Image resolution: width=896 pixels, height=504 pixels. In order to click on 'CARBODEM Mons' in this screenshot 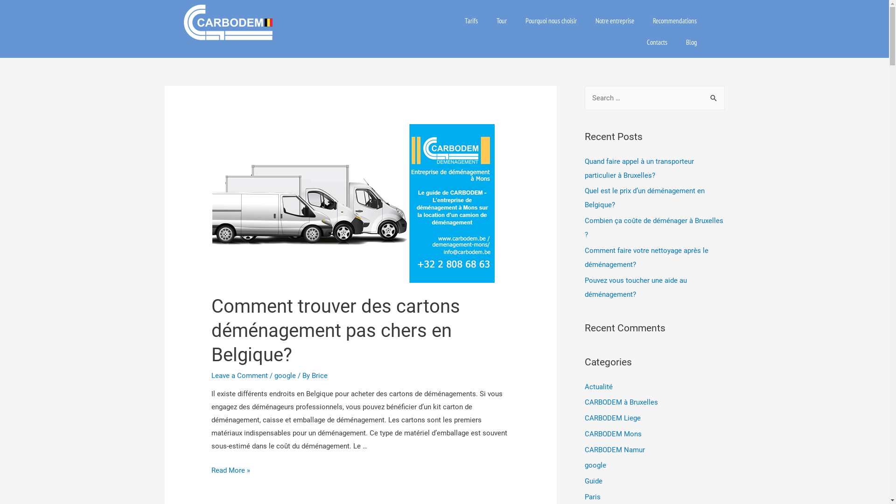, I will do `click(613, 434)`.